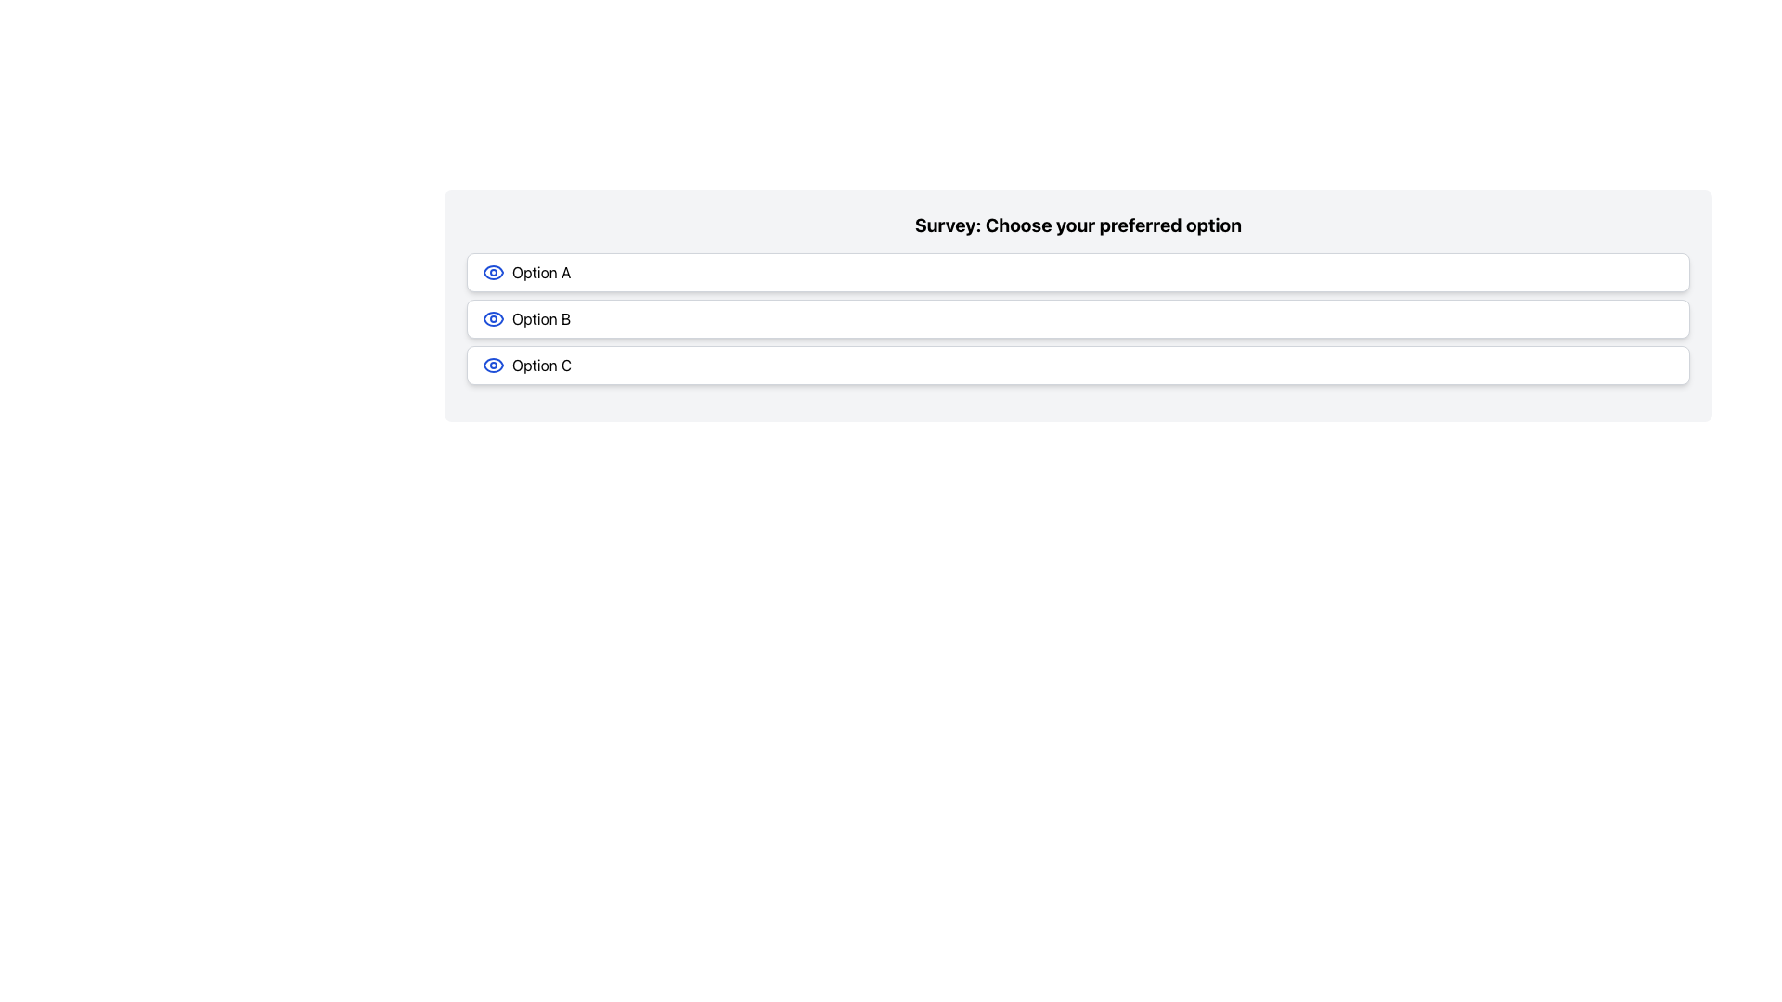  Describe the element at coordinates (1078, 225) in the screenshot. I see `the bold text label reading 'Survey: Choose your preferred option', which serves as the title of the survey section` at that location.